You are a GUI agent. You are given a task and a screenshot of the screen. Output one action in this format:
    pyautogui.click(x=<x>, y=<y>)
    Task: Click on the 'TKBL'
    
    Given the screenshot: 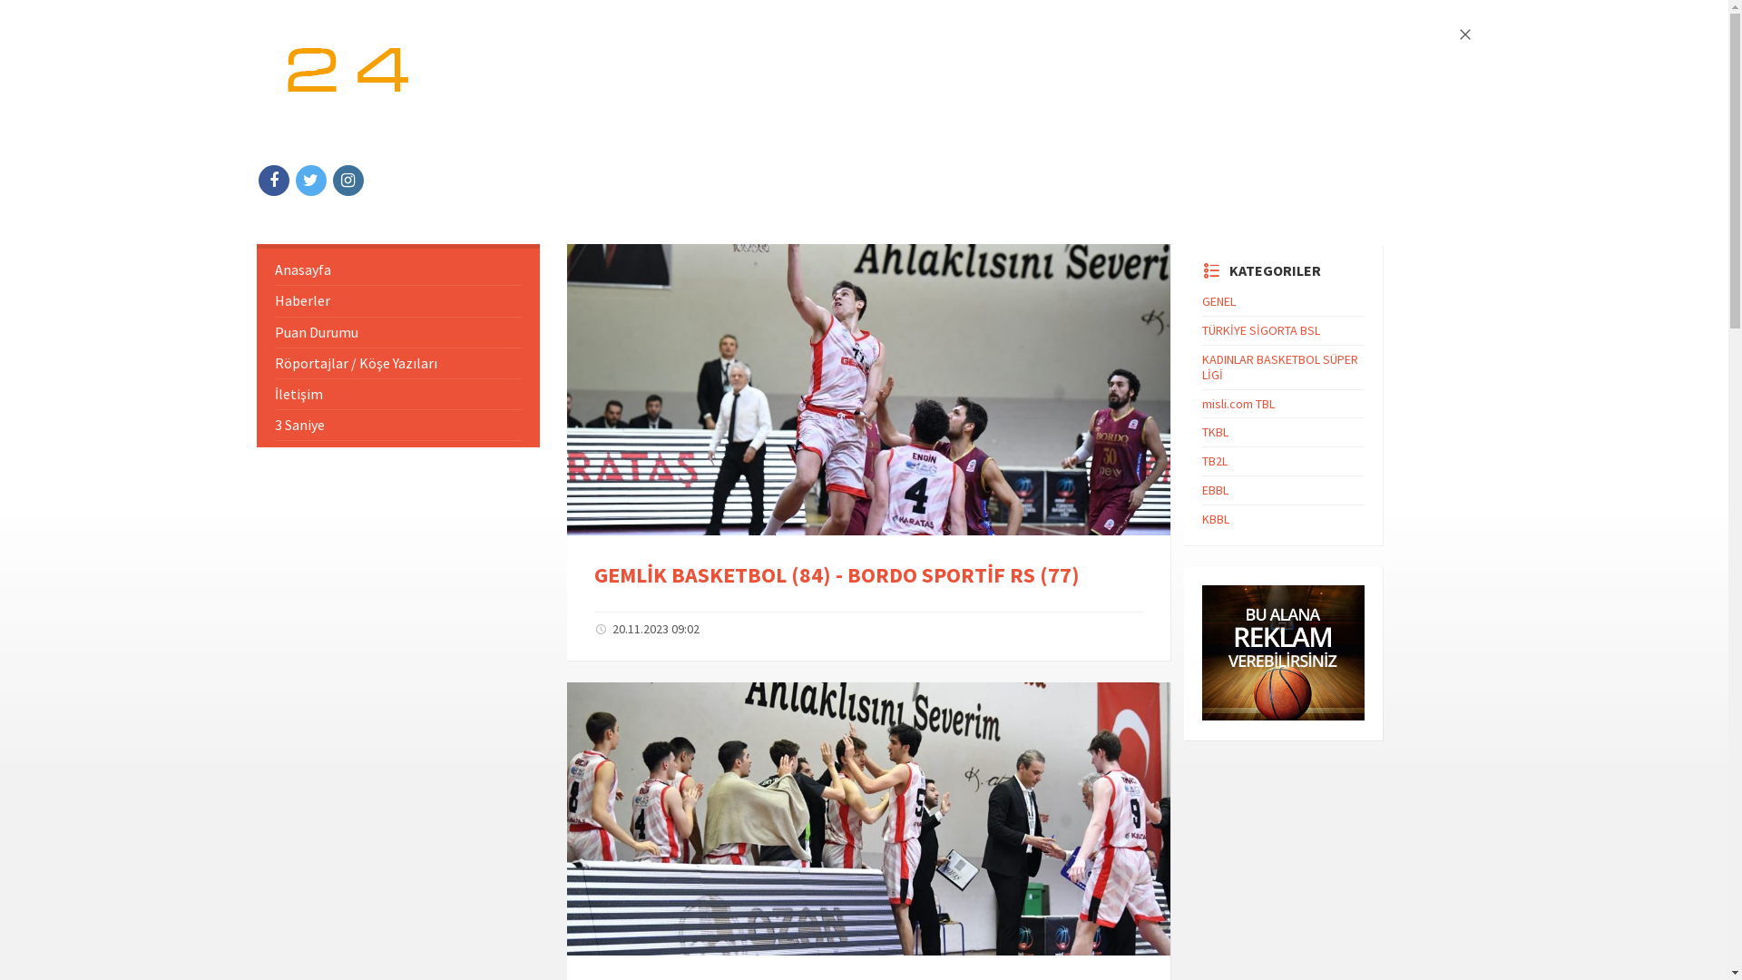 What is the action you would take?
    pyautogui.click(x=1215, y=431)
    